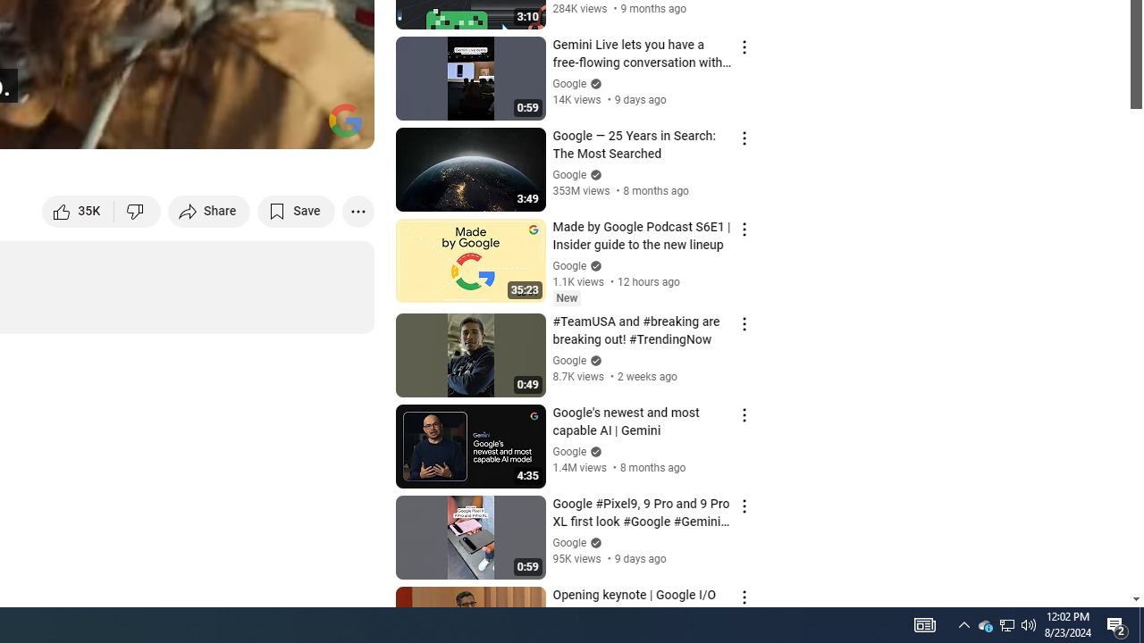 The height and width of the screenshot is (643, 1144). What do you see at coordinates (209, 210) in the screenshot?
I see `'Share'` at bounding box center [209, 210].